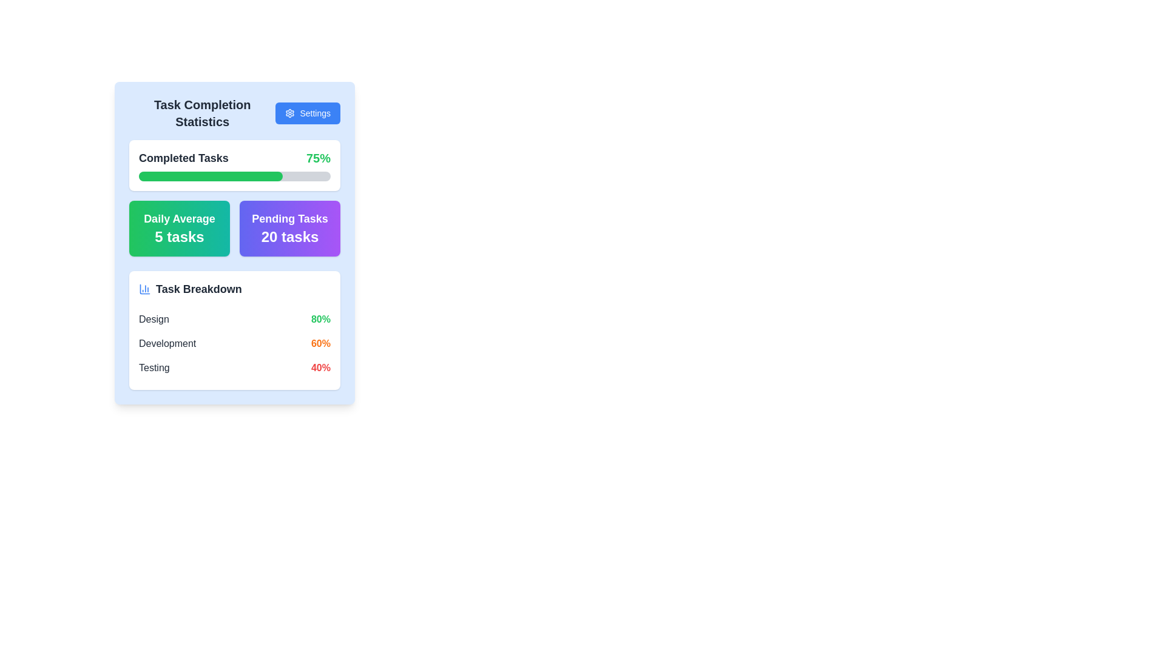  Describe the element at coordinates (179, 229) in the screenshot. I see `the displayed information on the Informational card showing the daily average number of tasks, located in the top-left quadrant of the grid layout, next to the 'Pending Tasks 20 tasks' card` at that location.